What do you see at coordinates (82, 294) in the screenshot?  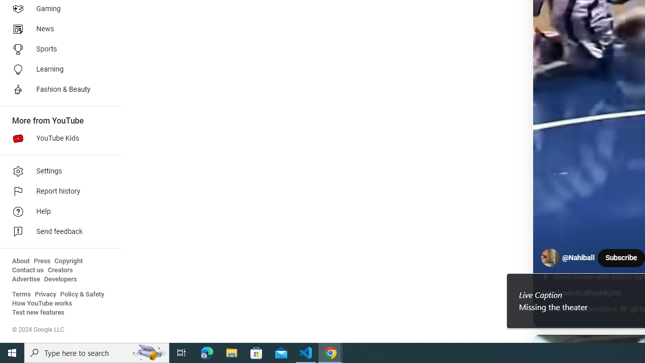 I see `'Policy & Safety'` at bounding box center [82, 294].